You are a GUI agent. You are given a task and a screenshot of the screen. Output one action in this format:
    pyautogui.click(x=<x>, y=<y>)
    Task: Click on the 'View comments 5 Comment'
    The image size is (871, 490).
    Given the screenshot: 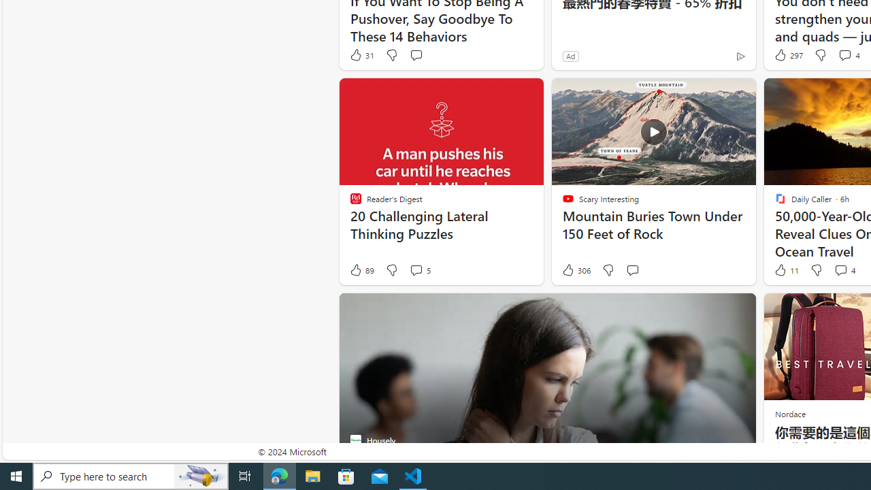 What is the action you would take?
    pyautogui.click(x=418, y=270)
    